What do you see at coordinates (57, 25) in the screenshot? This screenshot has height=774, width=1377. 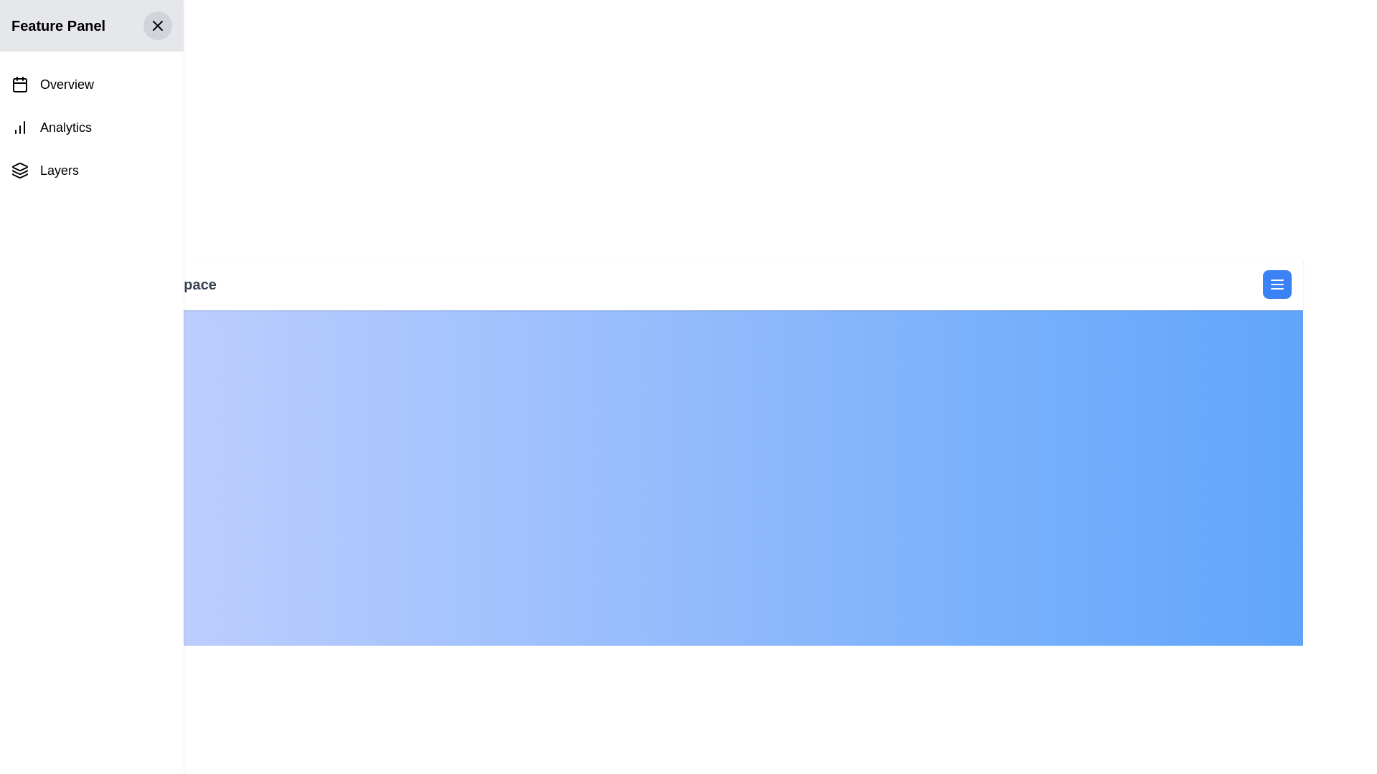 I see `the 'Feature Panel' text label, which serves as a header indicating the name of the section` at bounding box center [57, 25].